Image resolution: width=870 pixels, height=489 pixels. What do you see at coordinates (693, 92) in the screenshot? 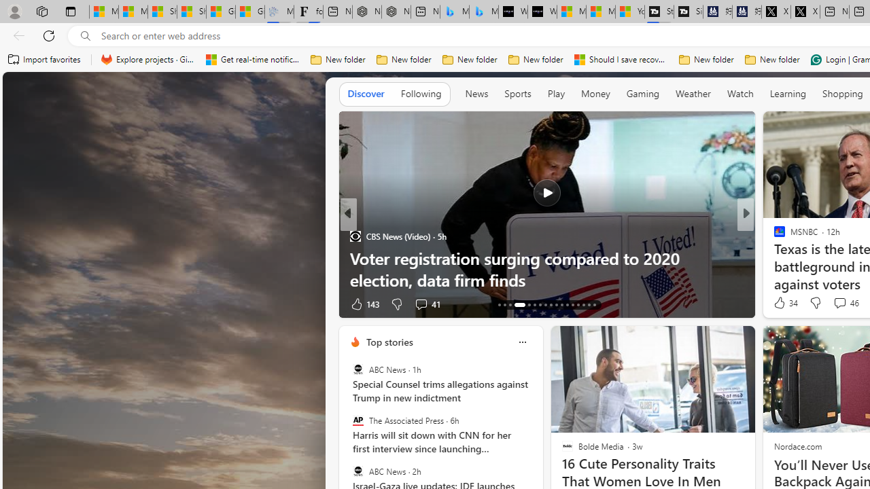
I see `'Weather'` at bounding box center [693, 92].